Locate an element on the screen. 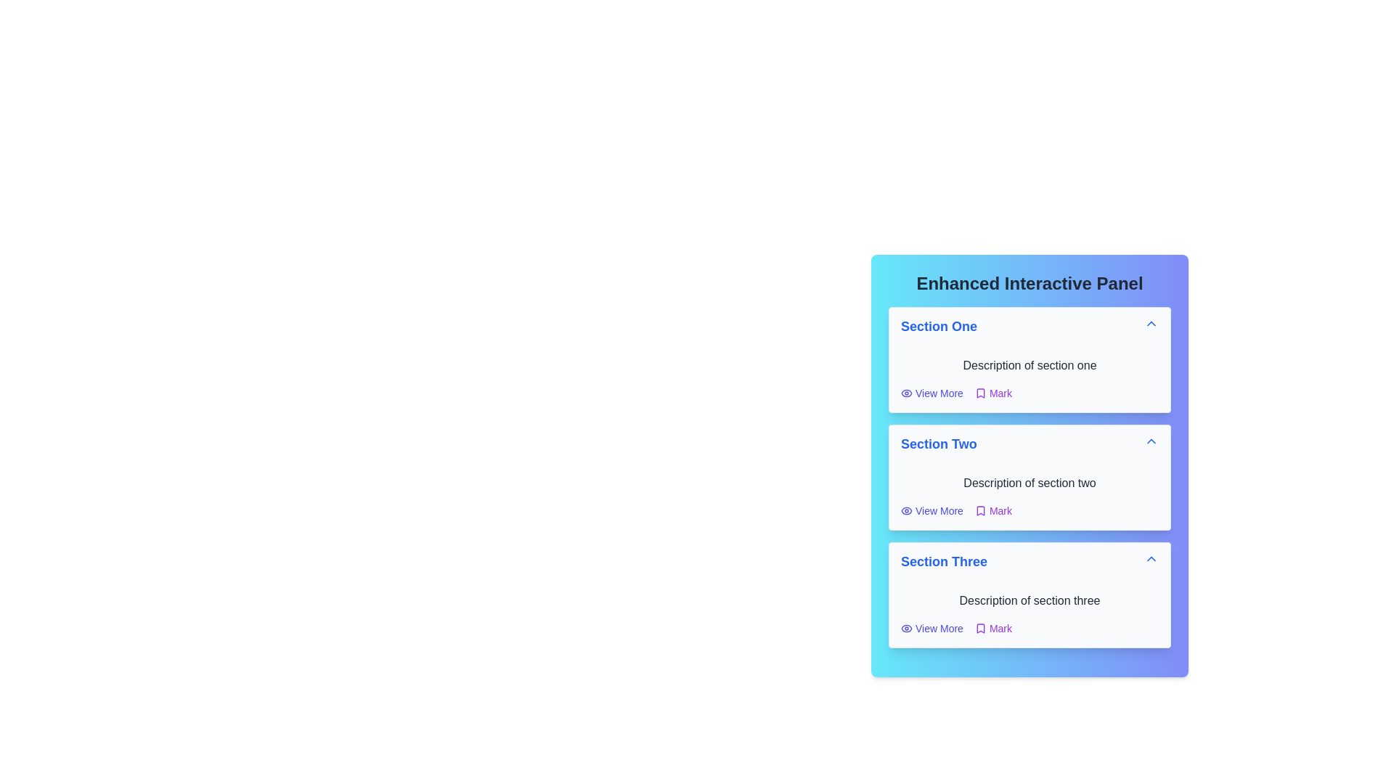 Image resolution: width=1394 pixels, height=784 pixels. the eye-shaped icon in 'Section One' of the 'Enhanced Interactive Panel' is located at coordinates (905, 628).